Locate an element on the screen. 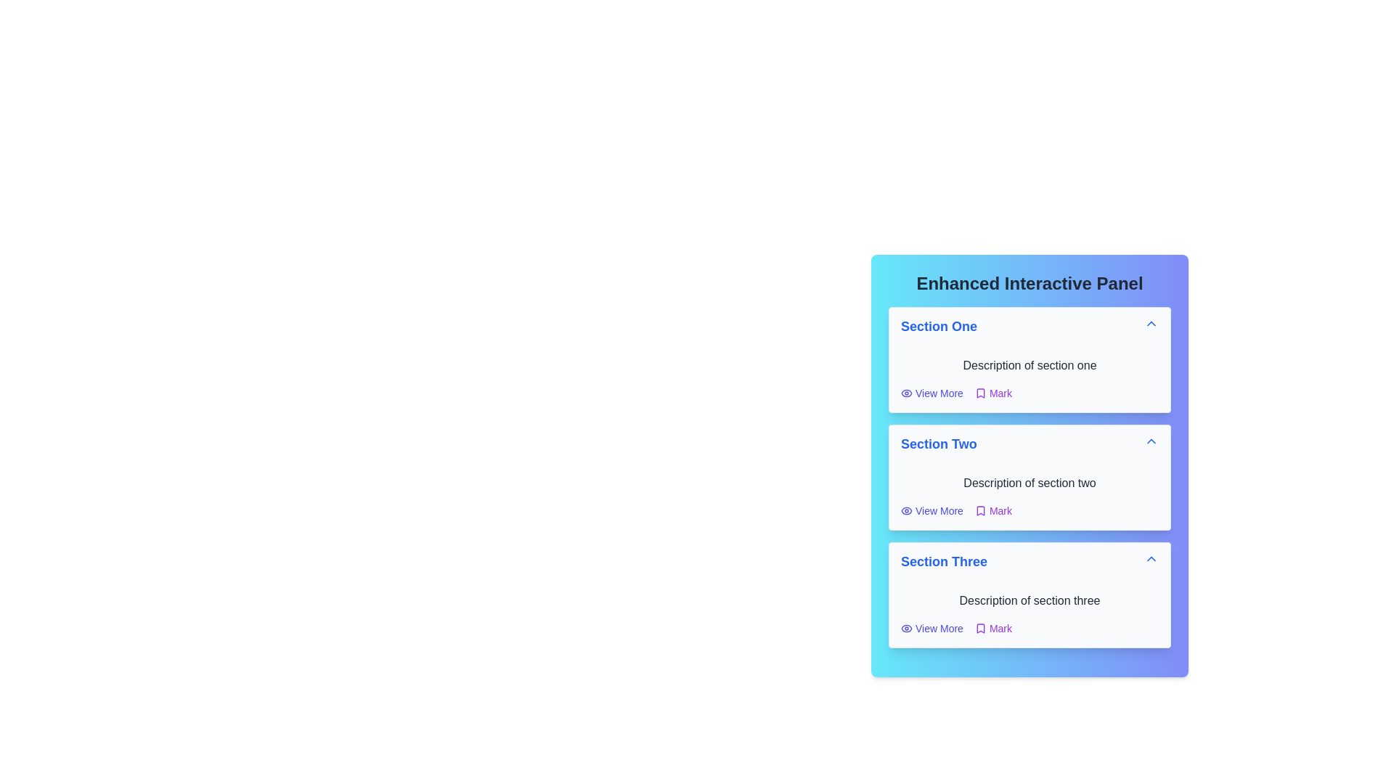 Image resolution: width=1394 pixels, height=784 pixels. the eye-shaped icon in 'Section One' of the 'Enhanced Interactive Panel' is located at coordinates (905, 628).